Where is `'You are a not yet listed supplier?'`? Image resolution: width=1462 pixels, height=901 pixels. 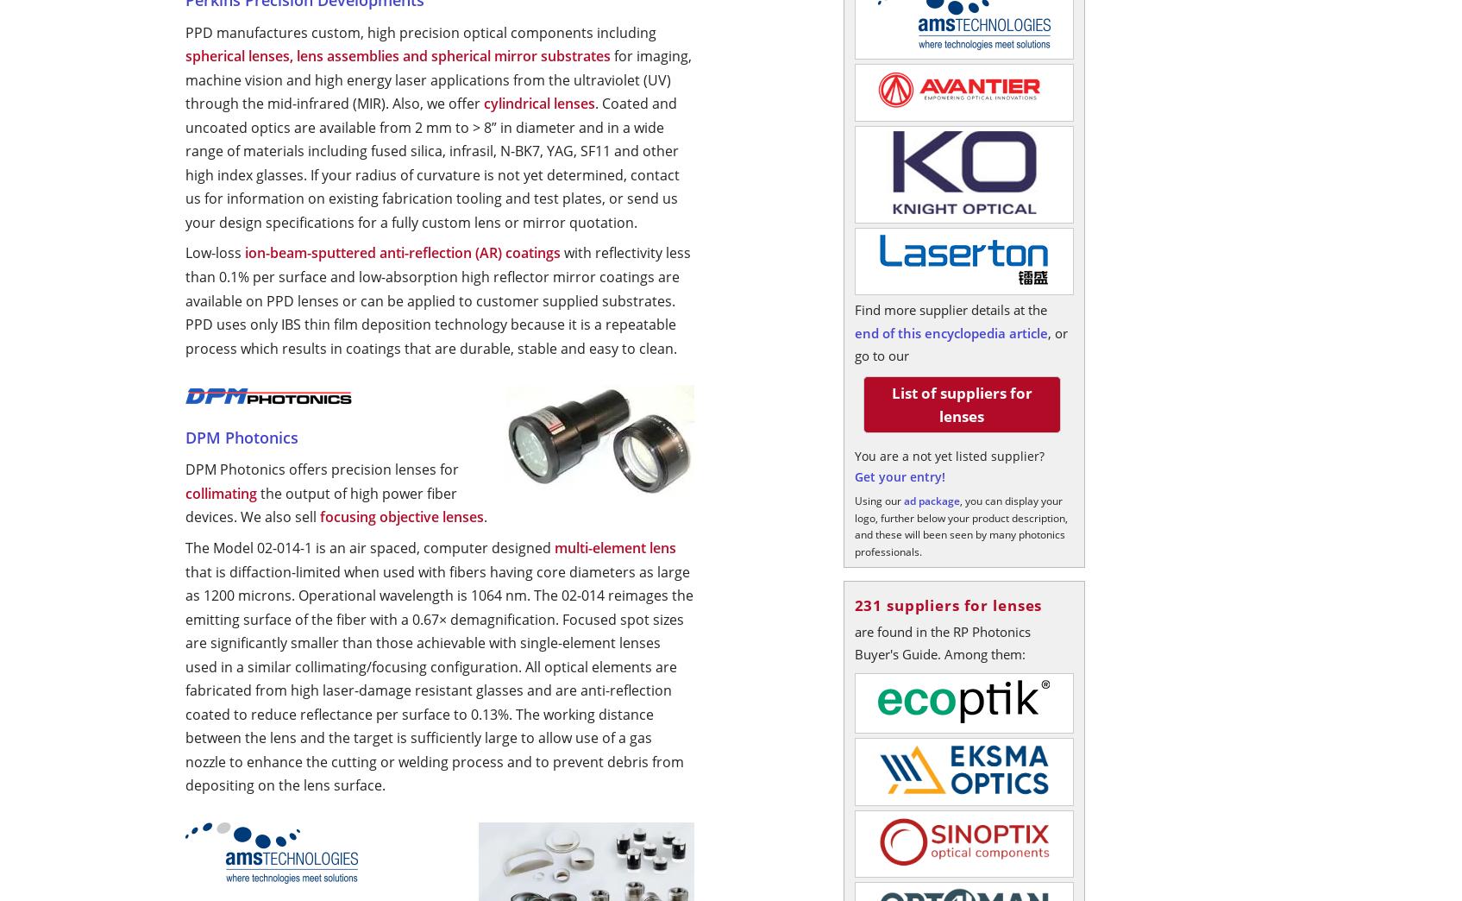
'You are a not yet listed supplier?' is located at coordinates (949, 455).